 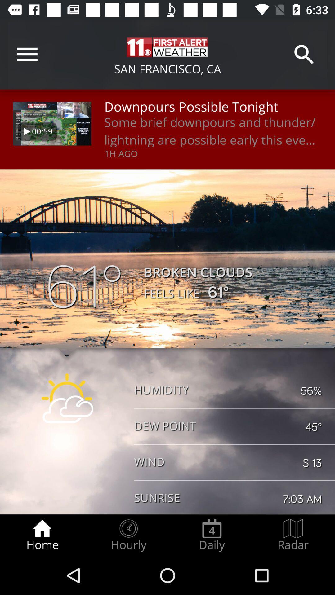 I want to click on daily icon, so click(x=212, y=535).